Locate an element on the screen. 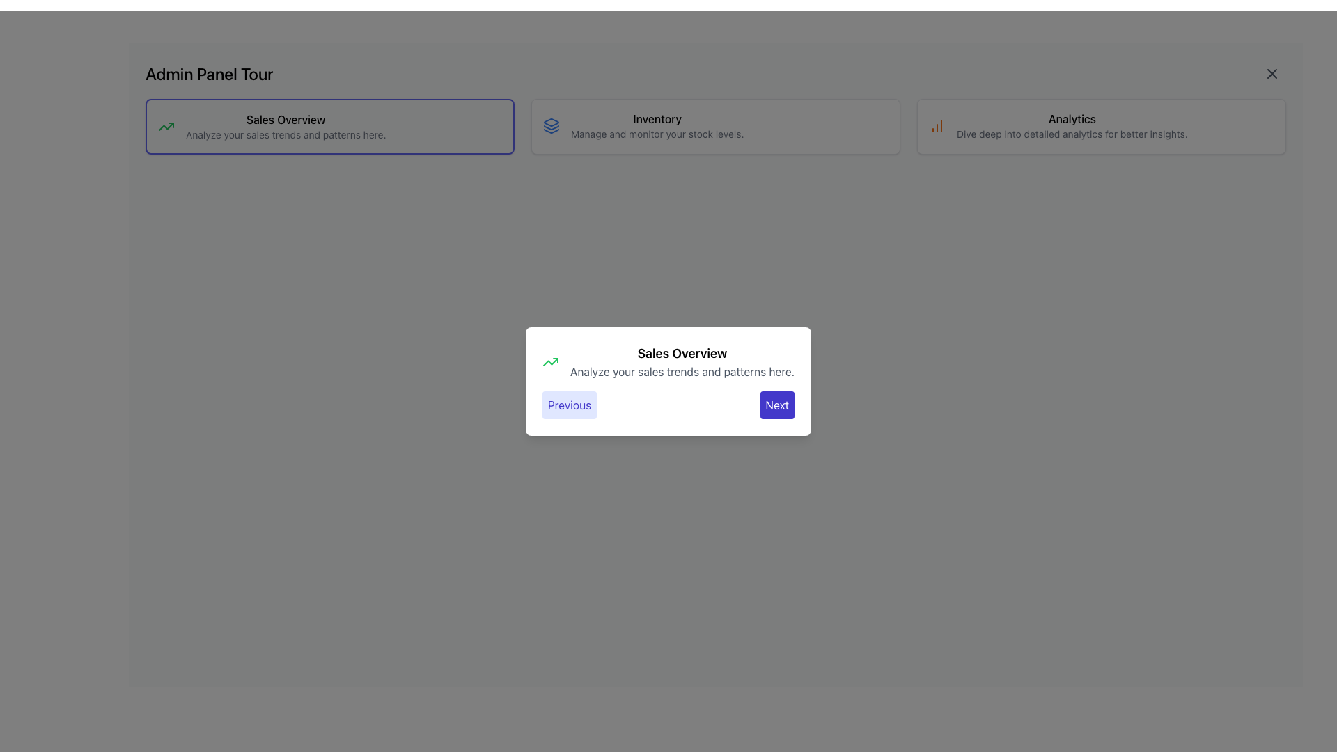 The width and height of the screenshot is (1337, 752). the 'Next' button, which is a rectangular button with white text on a blue background, located at the bottom-right corner of the modal, adjacent to the 'Previous' button is located at coordinates (776, 405).